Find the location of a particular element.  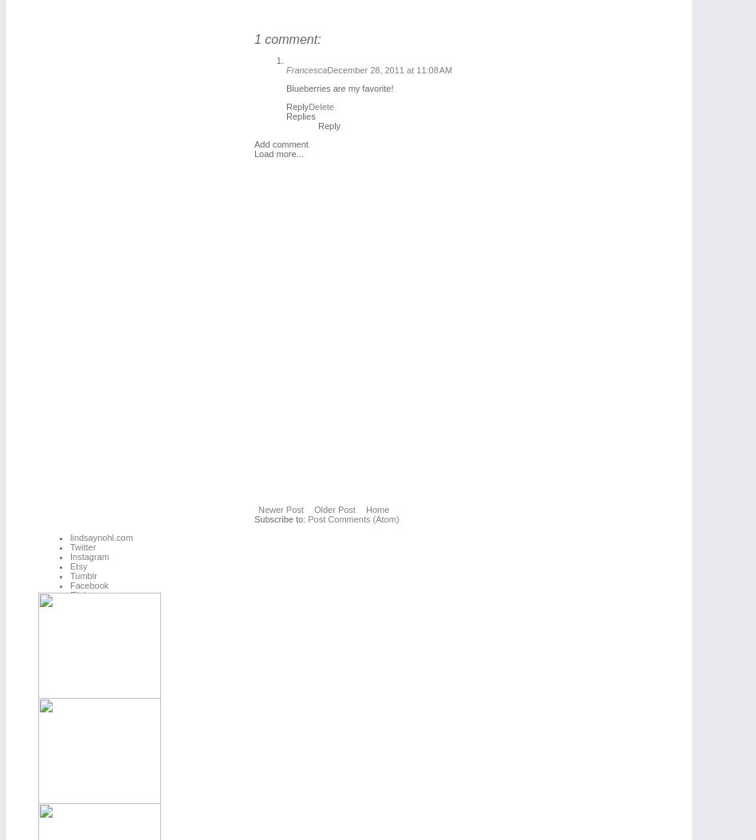

'Add comment' is located at coordinates (281, 144).